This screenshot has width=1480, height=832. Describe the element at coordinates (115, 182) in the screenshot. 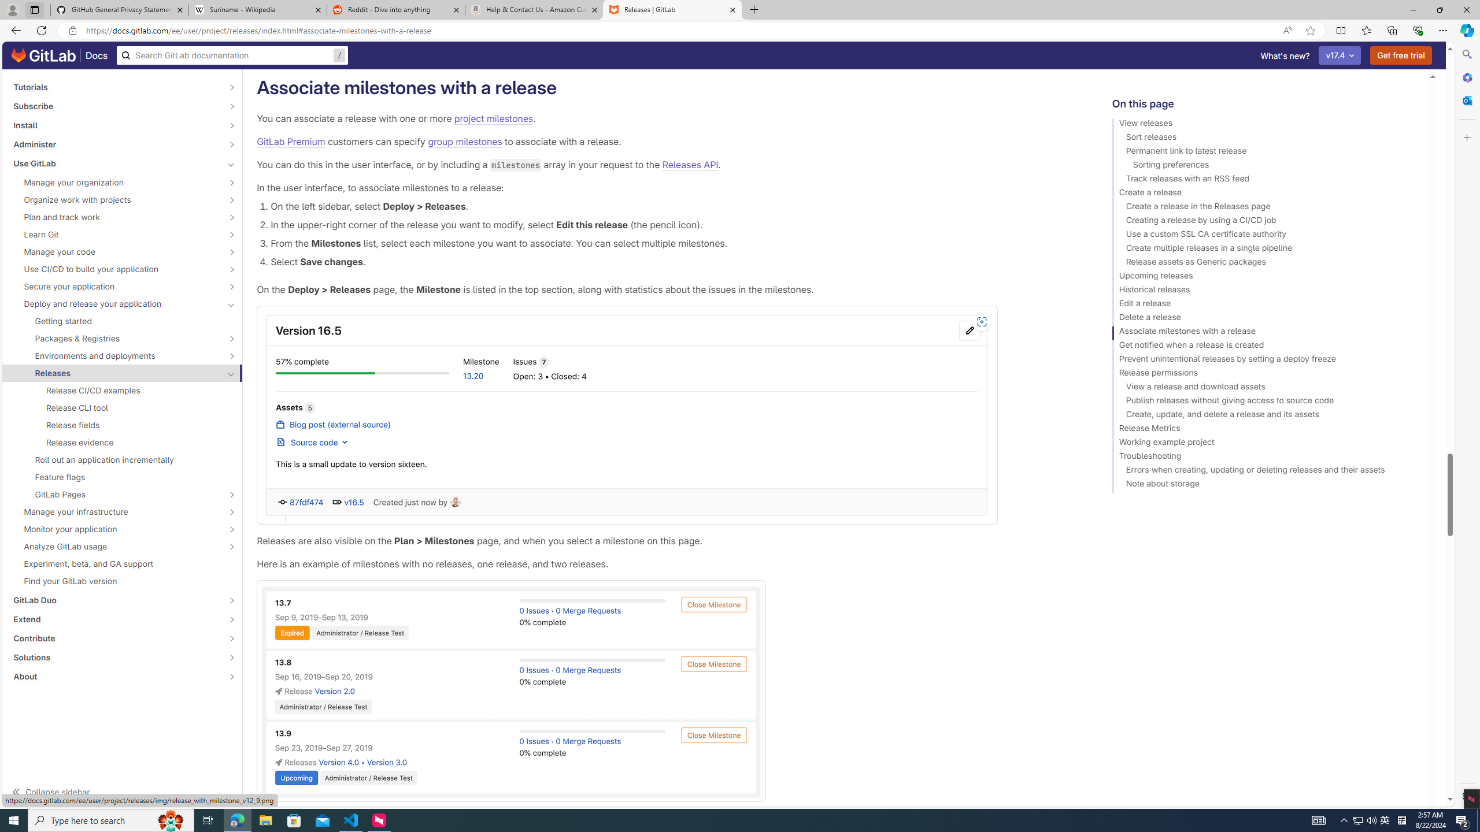

I see `'Manage your organization'` at that location.